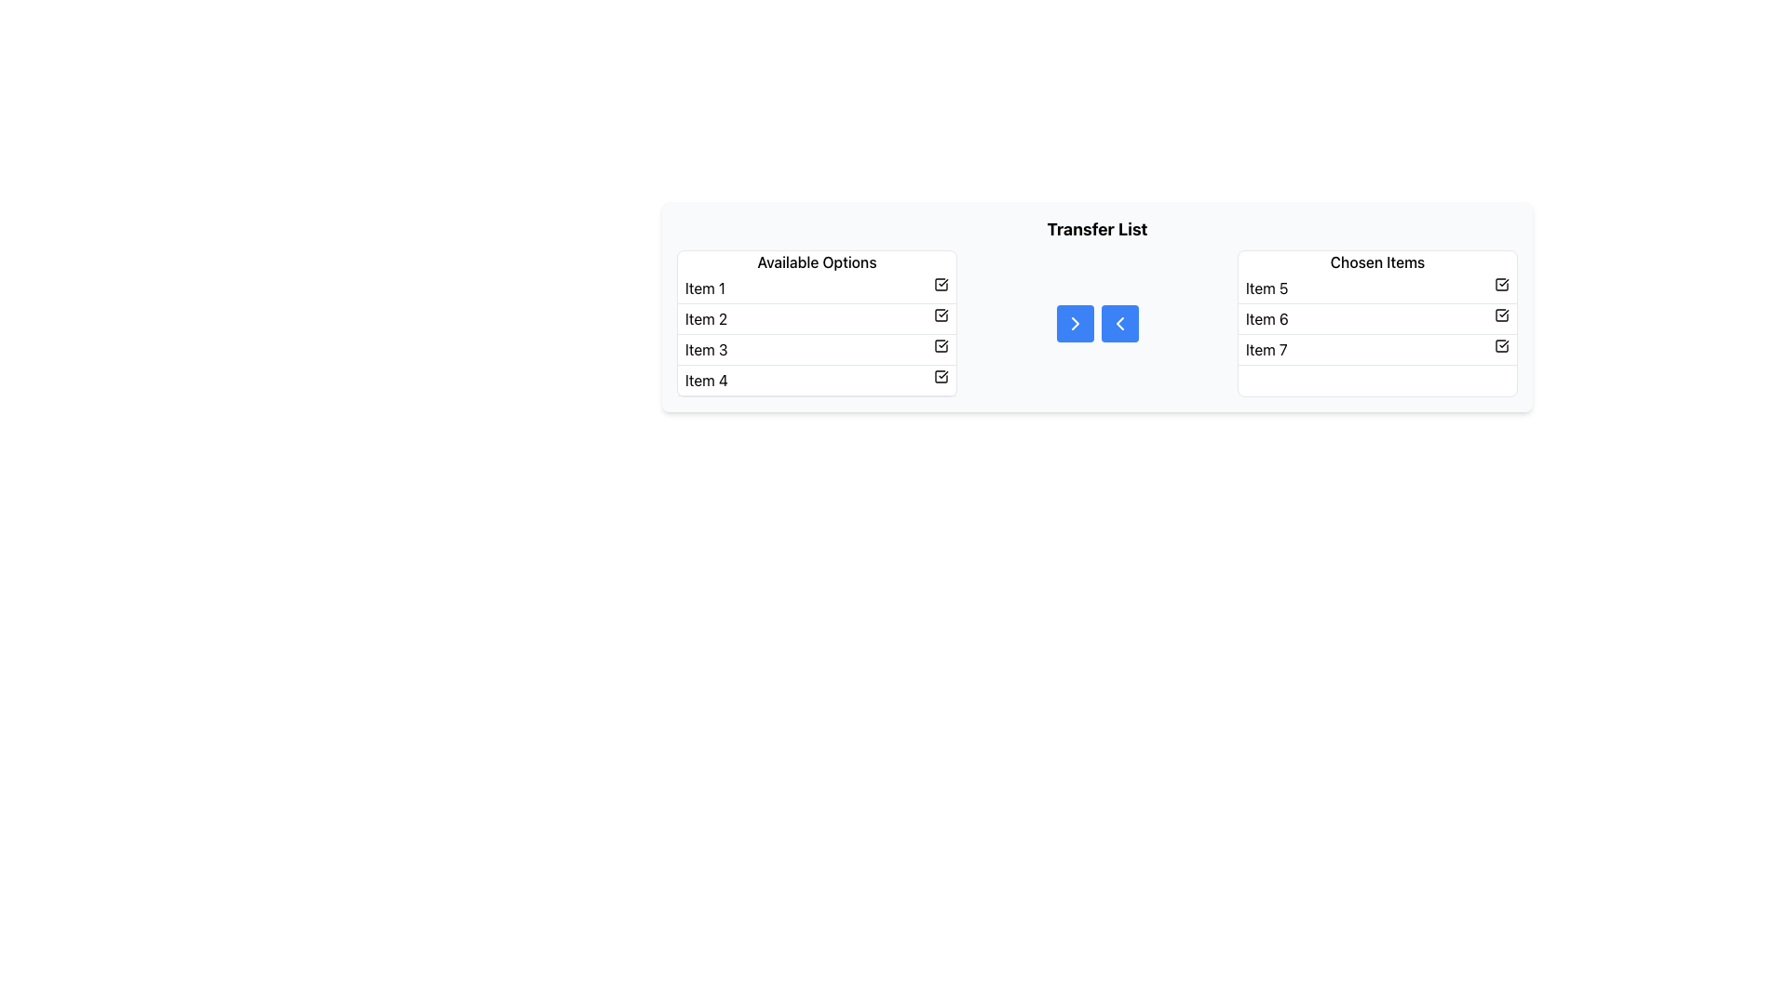 The width and height of the screenshot is (1788, 1005). What do you see at coordinates (1501, 315) in the screenshot?
I see `the checkbox indicating the selected state for 'Item 6' in the 'Chosen Items' list` at bounding box center [1501, 315].